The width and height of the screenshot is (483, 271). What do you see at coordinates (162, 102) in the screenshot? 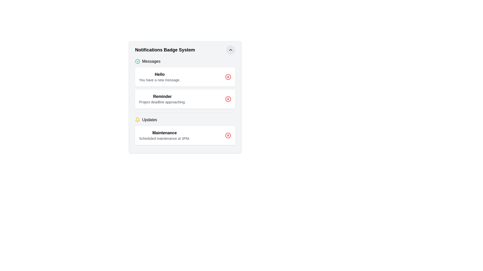
I see `static text label that provides additional information related to the notification title 'Reminder', located below the title text within the notification card` at bounding box center [162, 102].